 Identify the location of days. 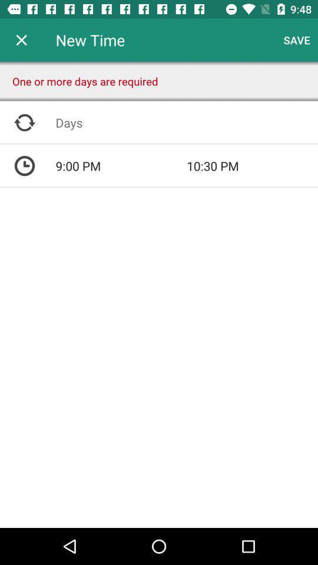
(187, 122).